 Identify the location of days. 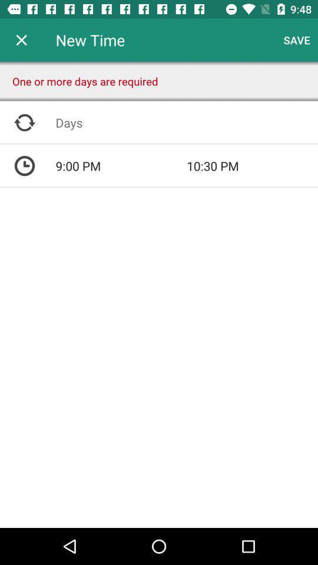
(187, 122).